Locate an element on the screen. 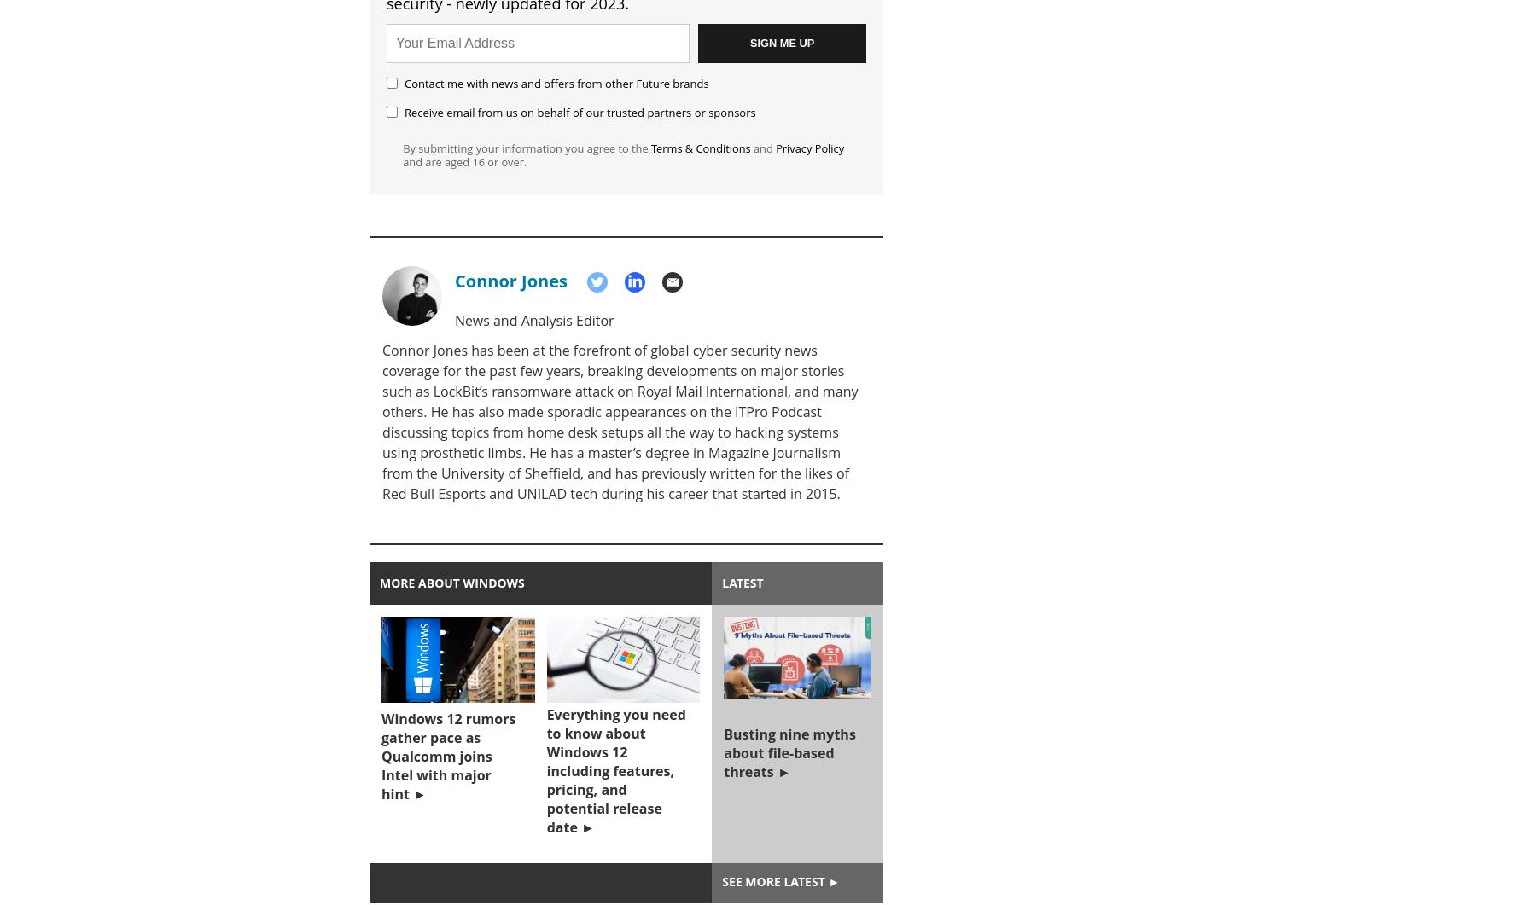 This screenshot has width=1526, height=905. 'News and Analysis Editor' is located at coordinates (533, 321).